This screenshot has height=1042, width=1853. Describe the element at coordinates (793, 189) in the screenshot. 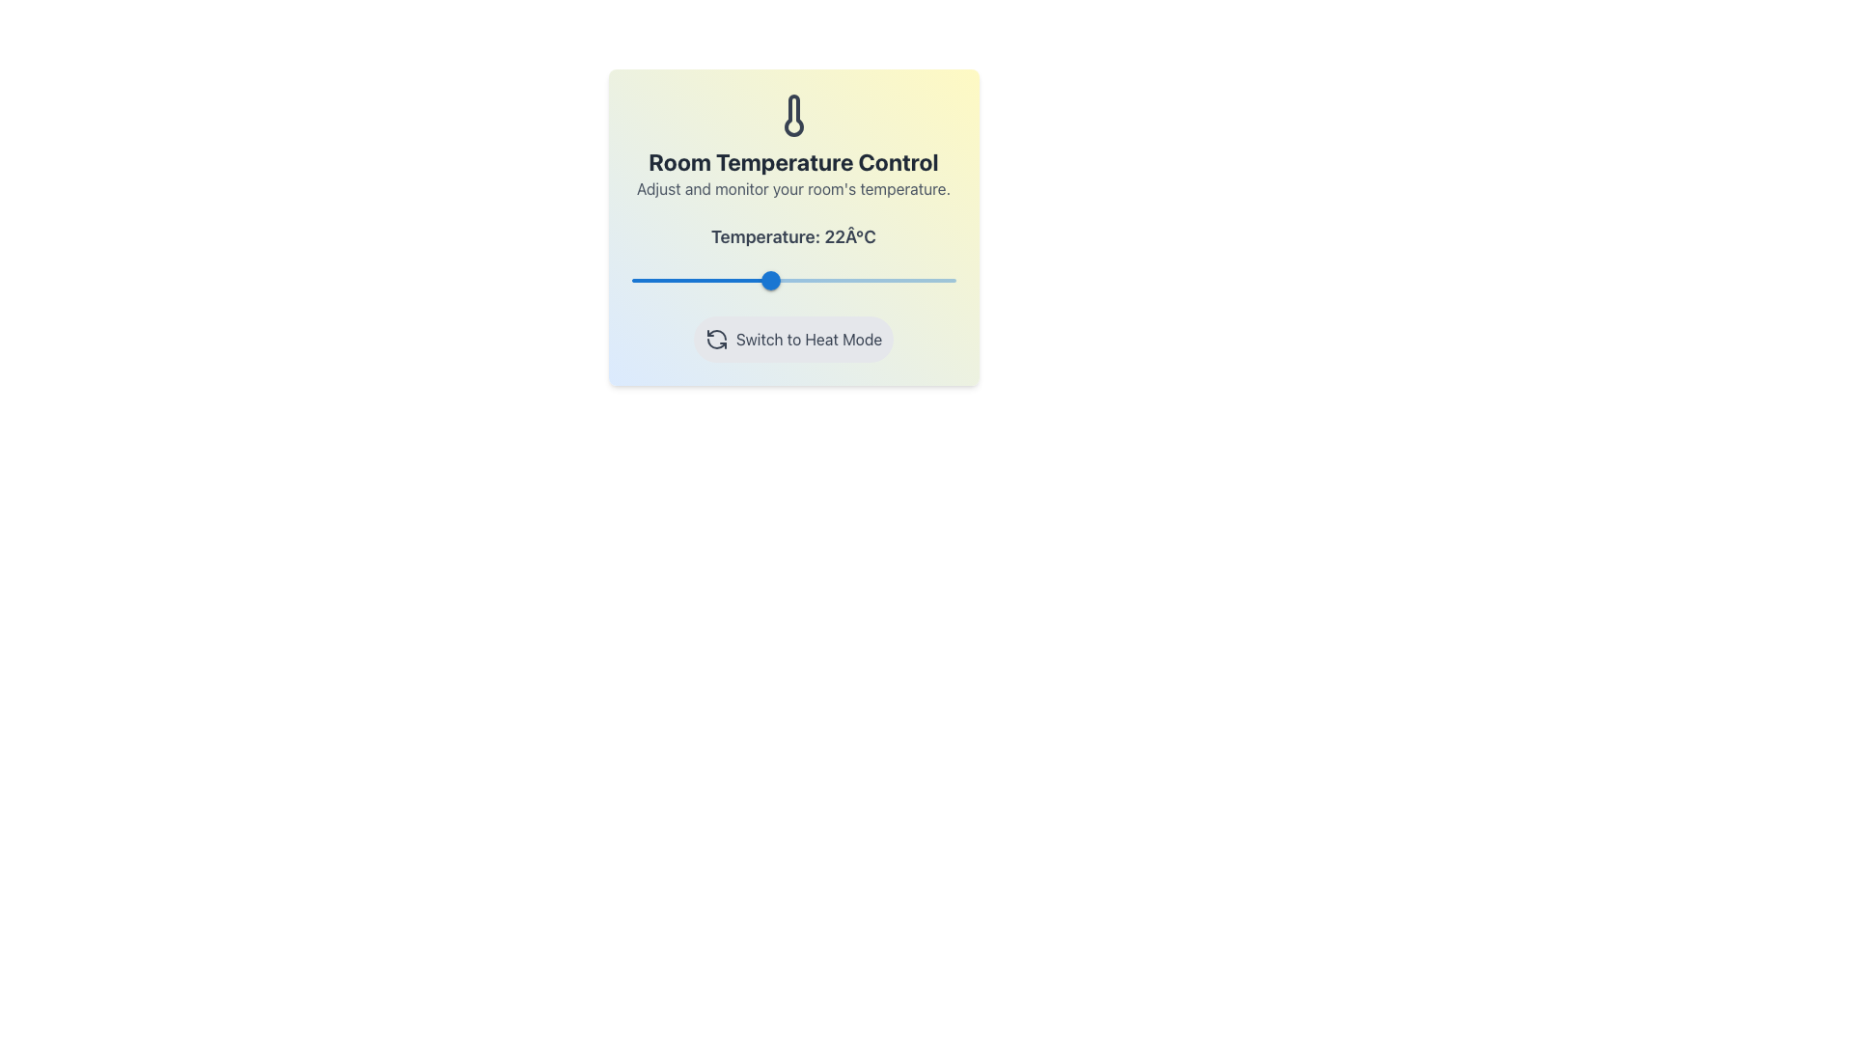

I see `the text that states 'Adjust and monitor your room's temperature.' which is located directly below the 'Room Temperature Control' title` at that location.